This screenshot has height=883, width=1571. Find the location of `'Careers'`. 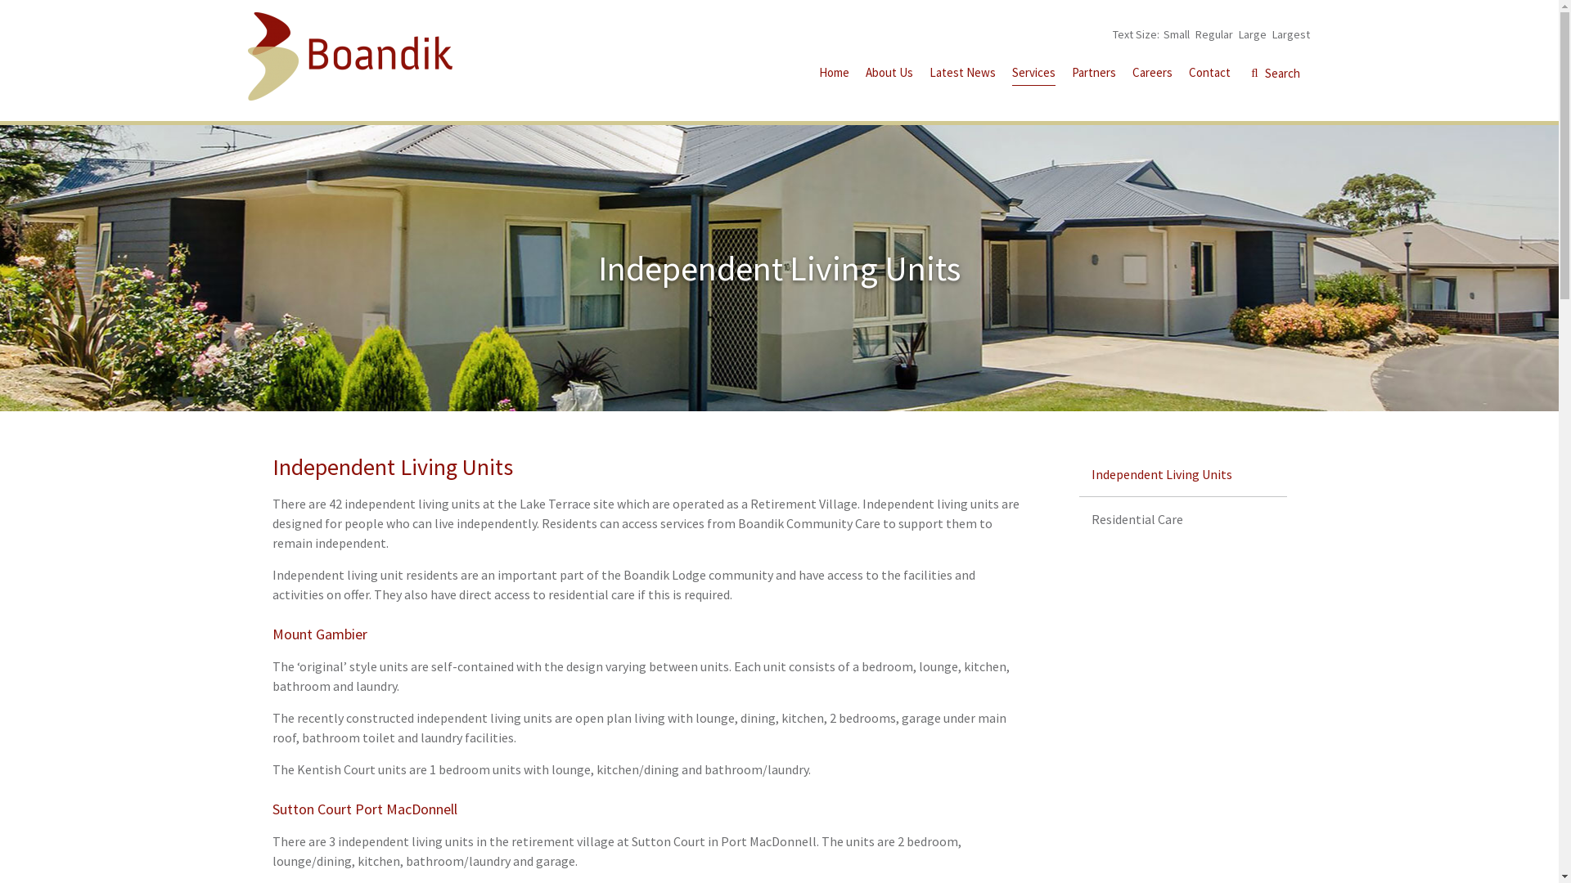

'Careers' is located at coordinates (1151, 74).